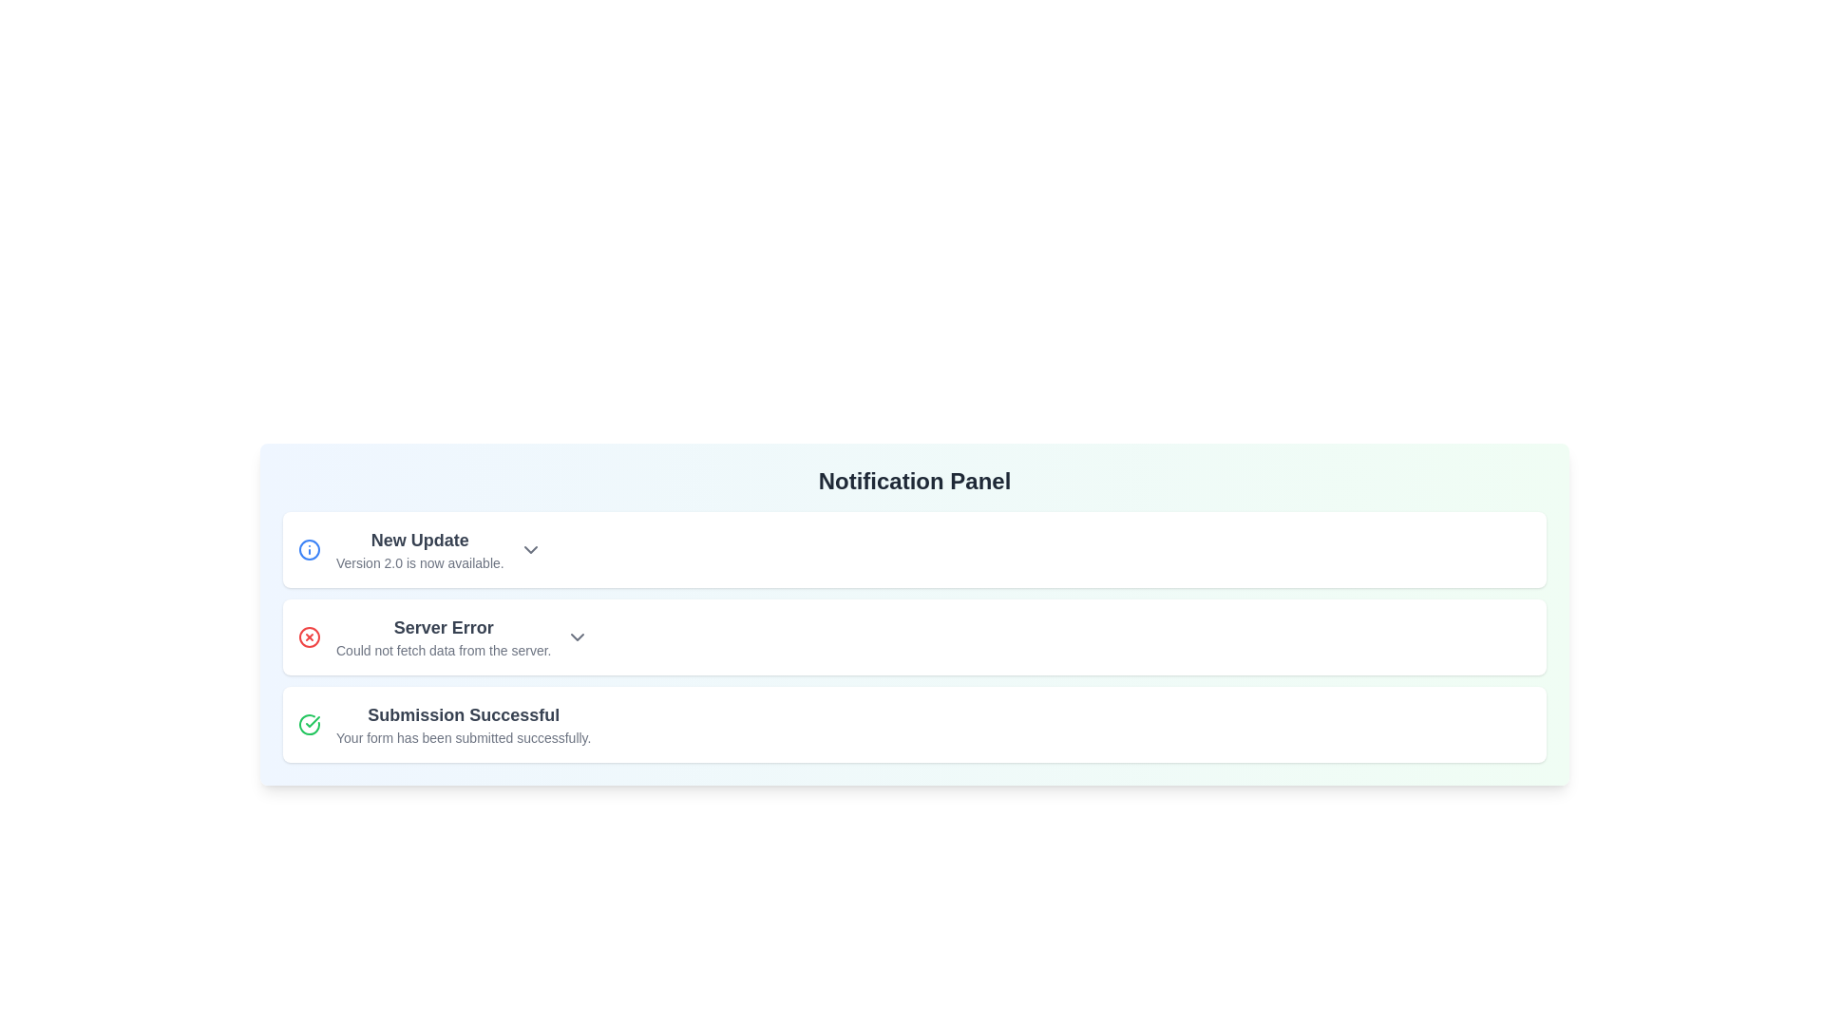 Image resolution: width=1824 pixels, height=1026 pixels. I want to click on the static text displaying the message 'Could not fetch data from the server.' located in the notification box below the 'Server Error' text, so click(443, 650).